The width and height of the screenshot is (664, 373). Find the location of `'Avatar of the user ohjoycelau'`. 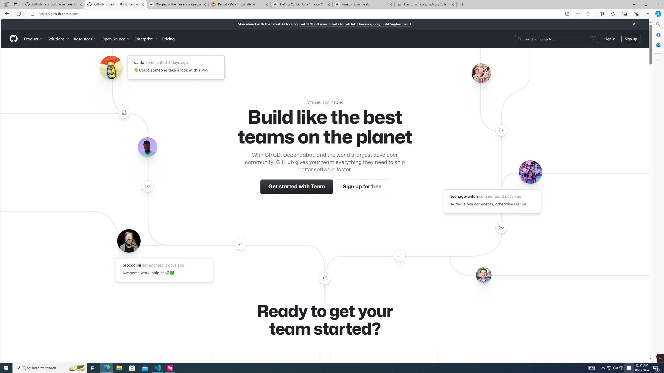

'Avatar of the user ohjoycelau' is located at coordinates (481, 73).